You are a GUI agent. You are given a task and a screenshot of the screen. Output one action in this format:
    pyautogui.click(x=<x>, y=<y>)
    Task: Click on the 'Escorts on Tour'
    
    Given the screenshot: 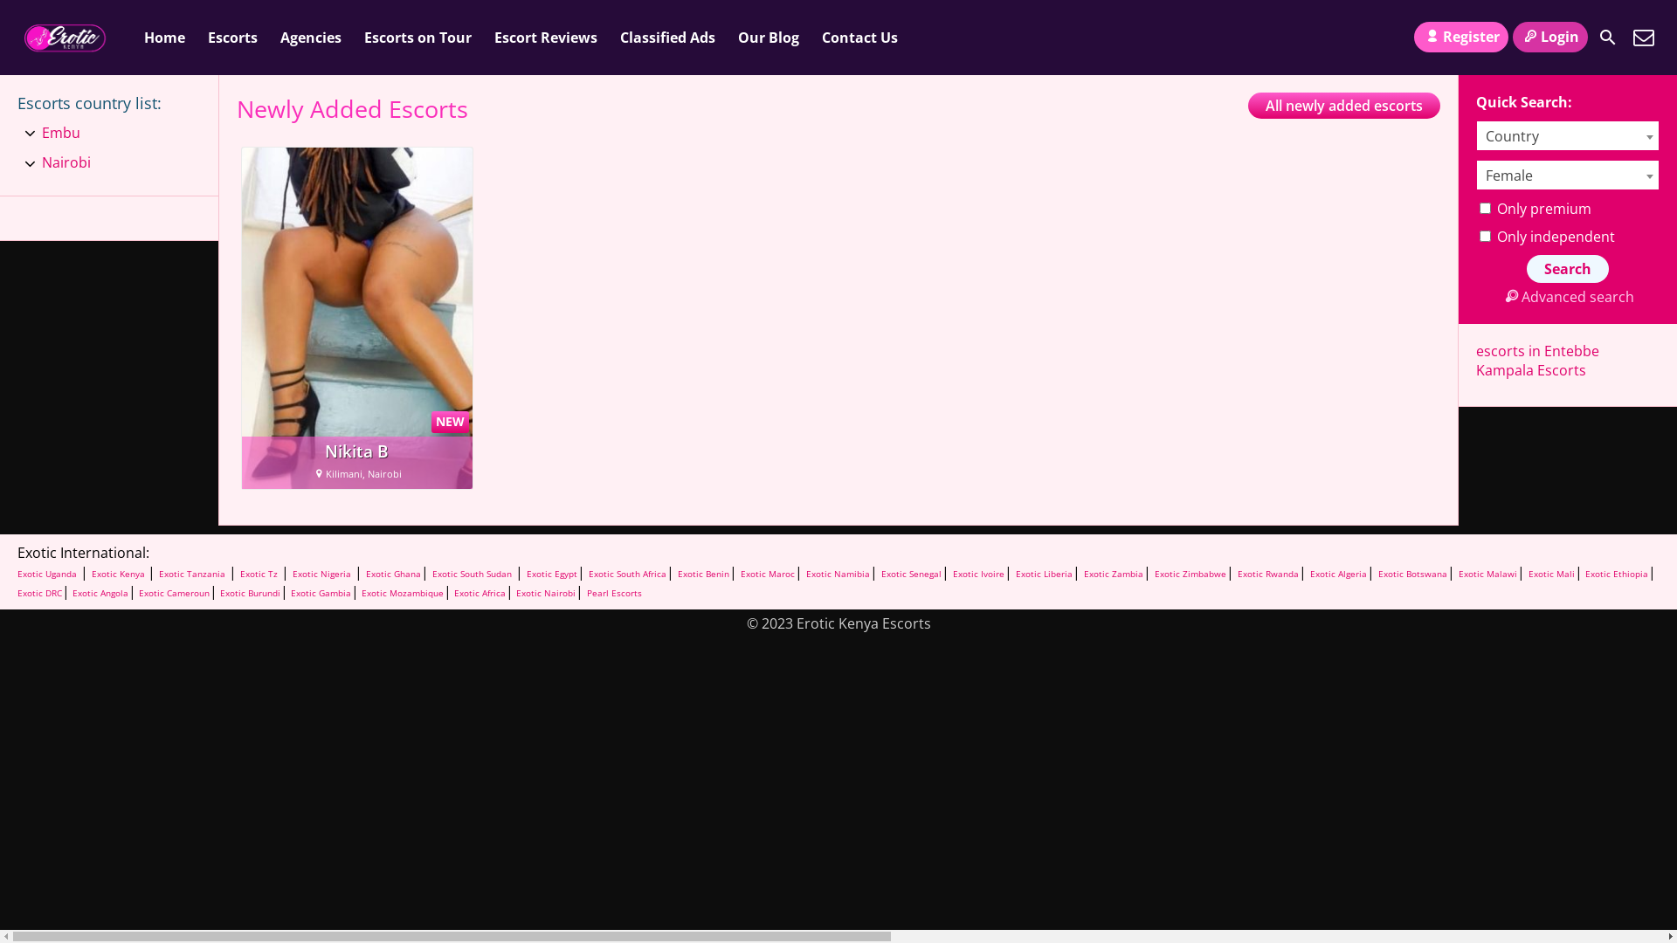 What is the action you would take?
    pyautogui.click(x=417, y=38)
    